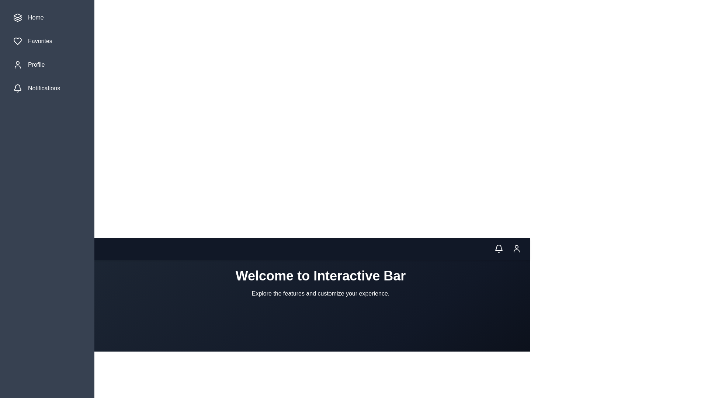  What do you see at coordinates (47, 64) in the screenshot?
I see `the menu item labeled Profile` at bounding box center [47, 64].